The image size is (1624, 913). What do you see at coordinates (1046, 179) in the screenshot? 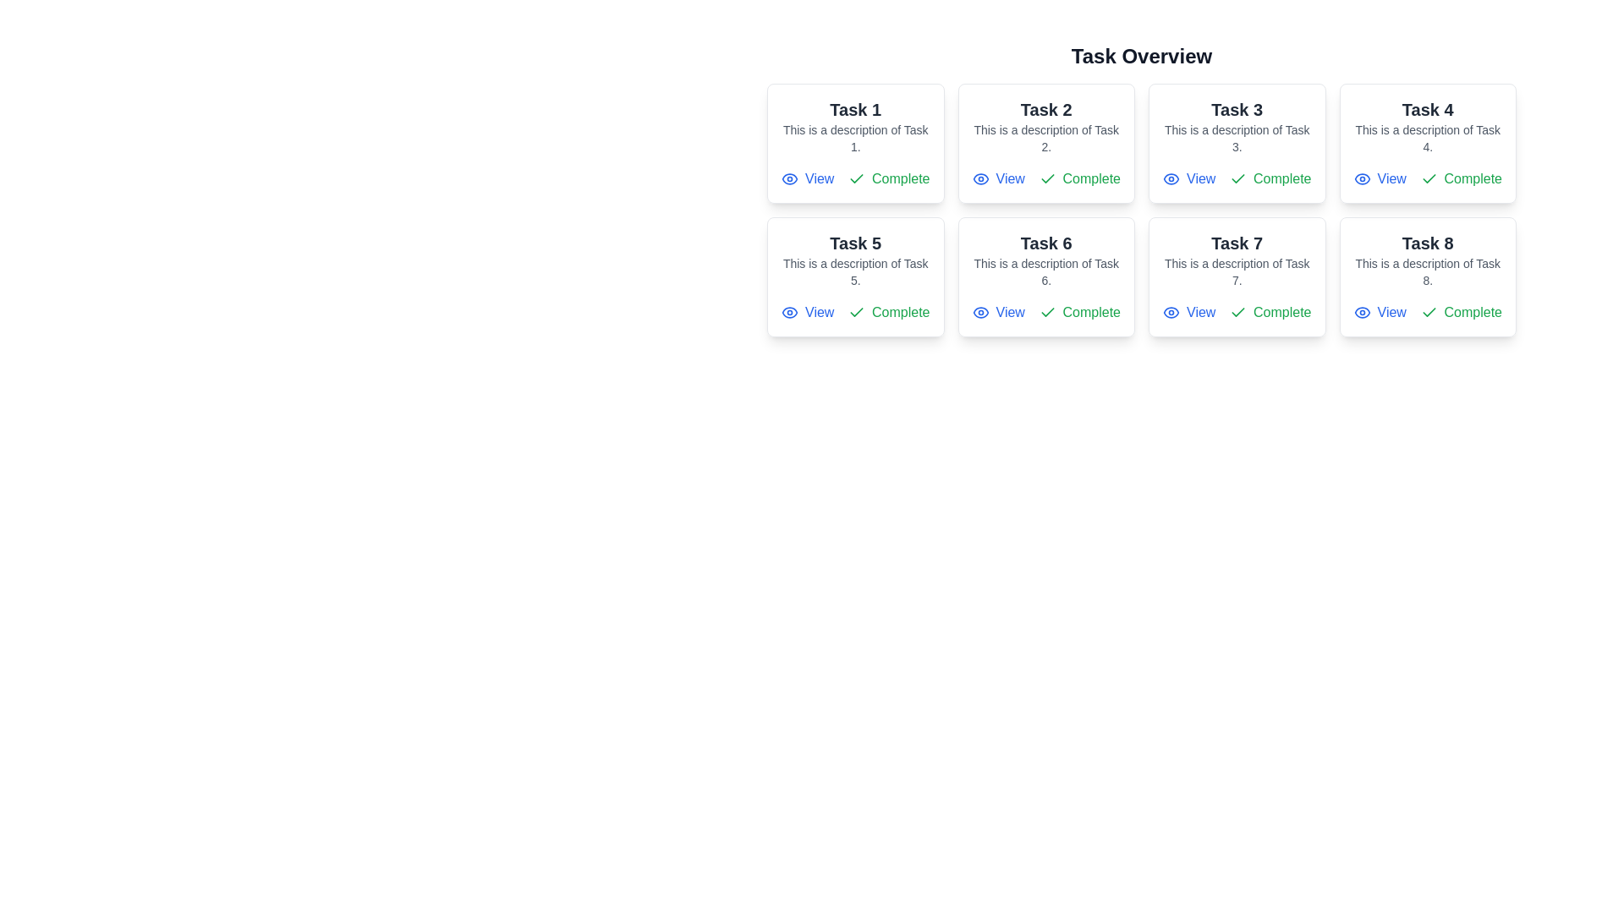
I see `the green checkmark icon representing the 'Complete' action located in the upper-right section of the second task card under 'Task 2'` at bounding box center [1046, 179].